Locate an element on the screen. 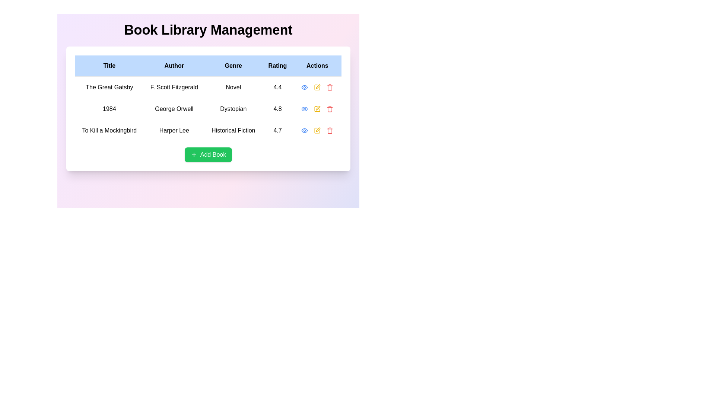  the text label representing the title of a book in the second row of the table under the 'Title' column is located at coordinates (109, 109).